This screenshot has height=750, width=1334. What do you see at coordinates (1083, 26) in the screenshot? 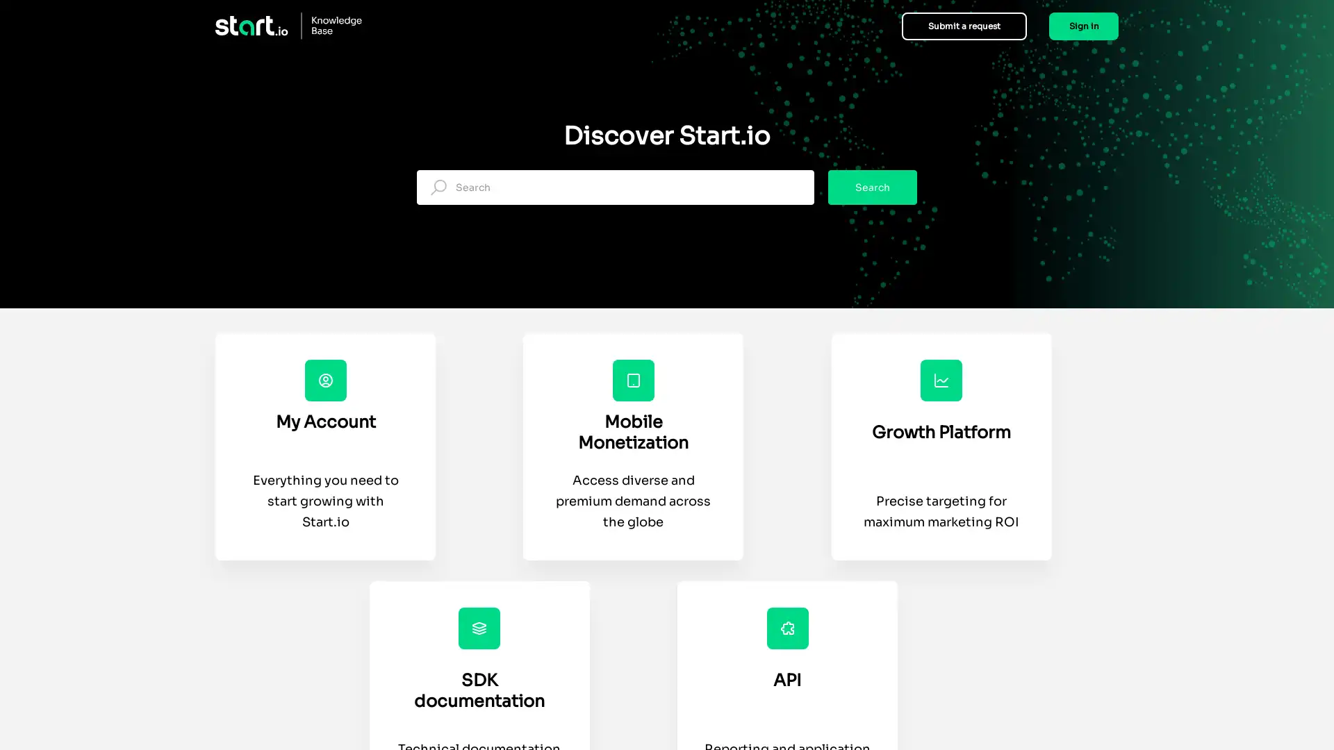
I see `Sign in` at bounding box center [1083, 26].